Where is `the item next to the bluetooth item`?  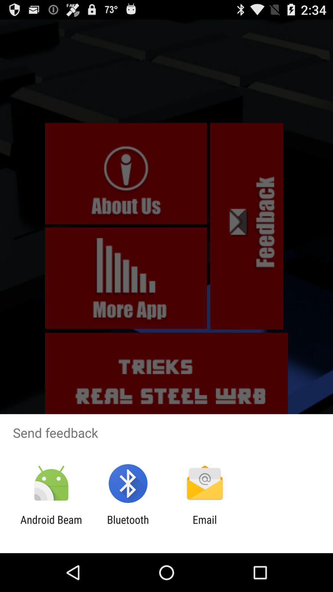 the item next to the bluetooth item is located at coordinates (51, 526).